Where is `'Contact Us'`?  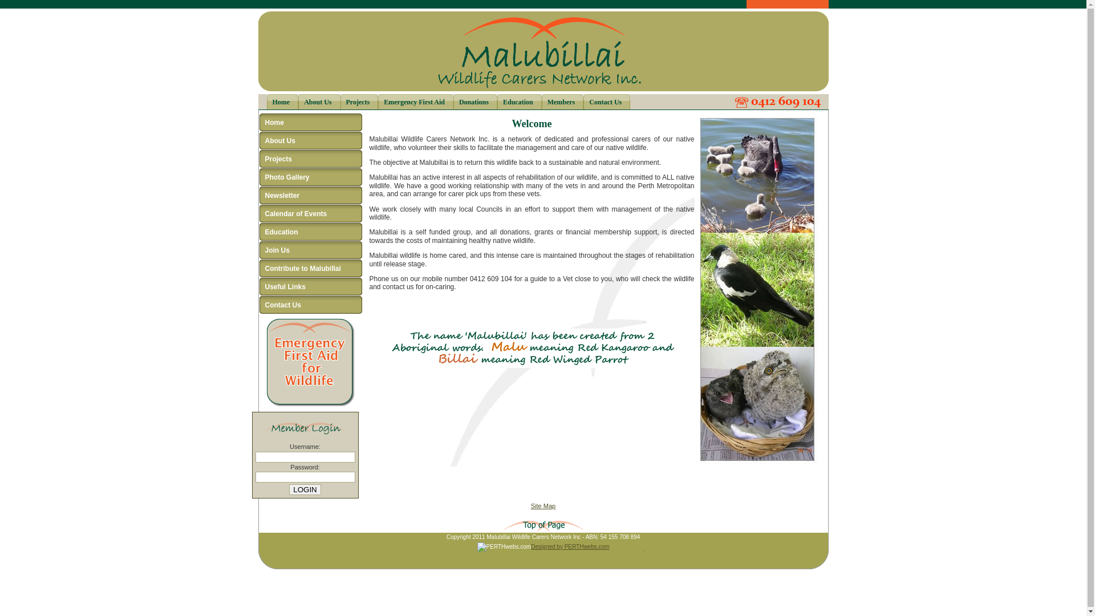 'Contact Us' is located at coordinates (310, 305).